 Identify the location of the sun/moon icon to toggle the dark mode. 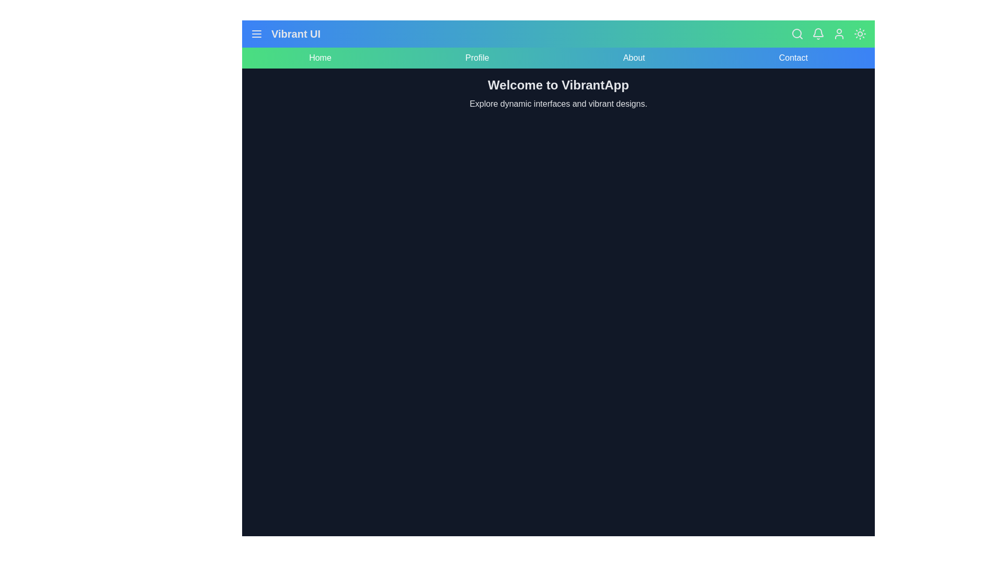
(860, 33).